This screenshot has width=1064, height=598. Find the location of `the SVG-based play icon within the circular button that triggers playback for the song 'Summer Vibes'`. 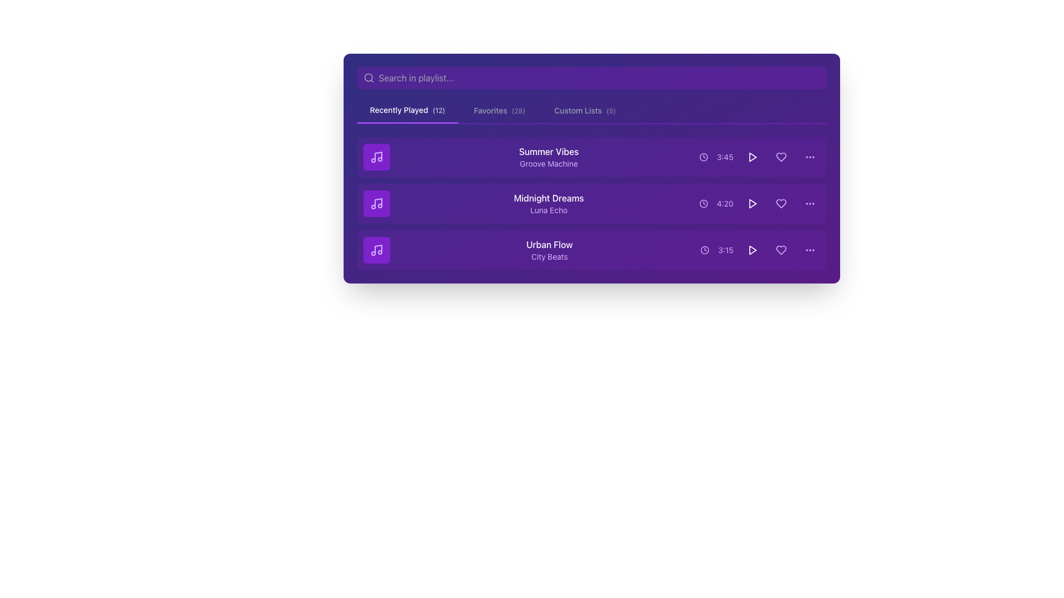

the SVG-based play icon within the circular button that triggers playback for the song 'Summer Vibes' is located at coordinates (752, 157).